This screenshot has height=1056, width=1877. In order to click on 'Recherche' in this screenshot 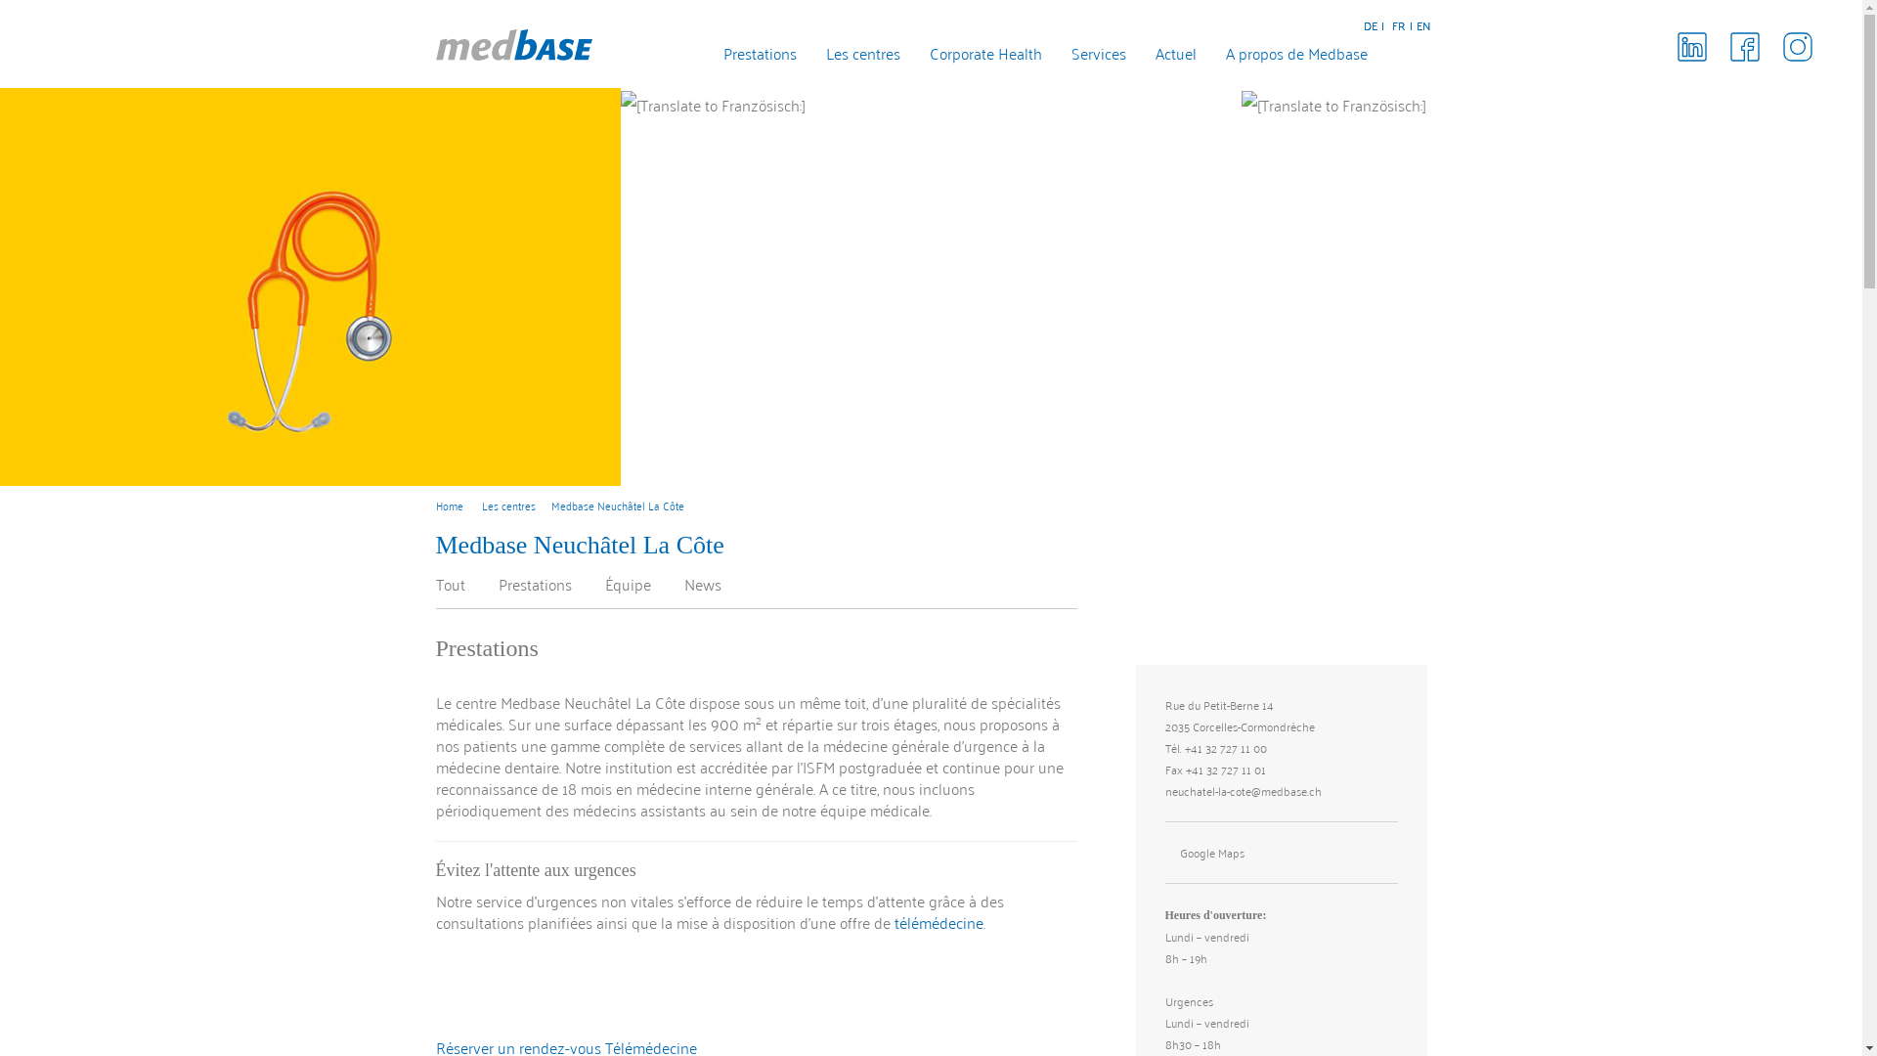, I will do `click(1419, 54)`.